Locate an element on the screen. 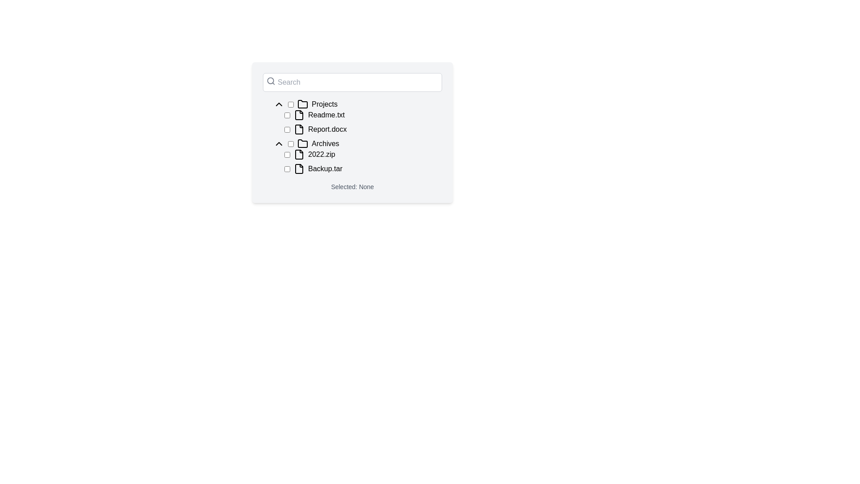  the file 'Report.docx' by clicking its associated checkbox in the file list interface is located at coordinates (352, 133).